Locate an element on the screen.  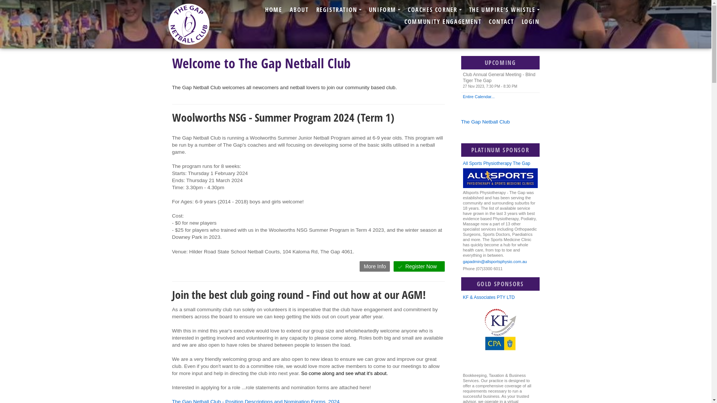
'gapadmin@allsportsphysio.com.au' is located at coordinates (462, 262).